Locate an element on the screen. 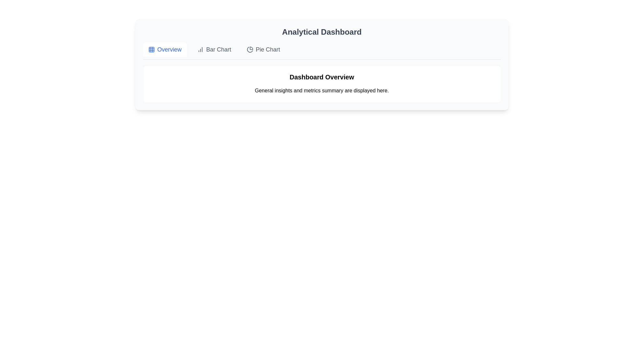 The width and height of the screenshot is (622, 350). the 'Bar Chart' navigation tab to change its background color is located at coordinates (219, 49).